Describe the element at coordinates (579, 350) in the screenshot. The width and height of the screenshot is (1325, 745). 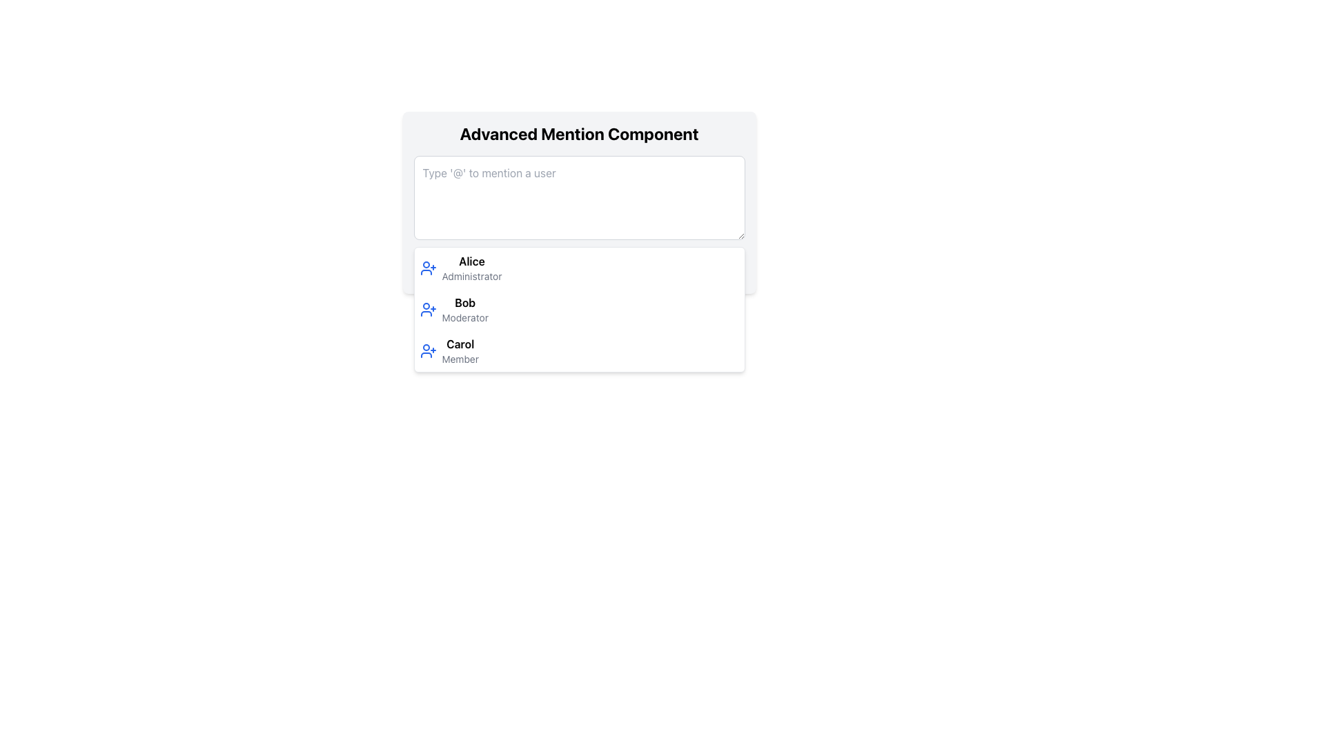
I see `the third list item in the mention dropdown` at that location.